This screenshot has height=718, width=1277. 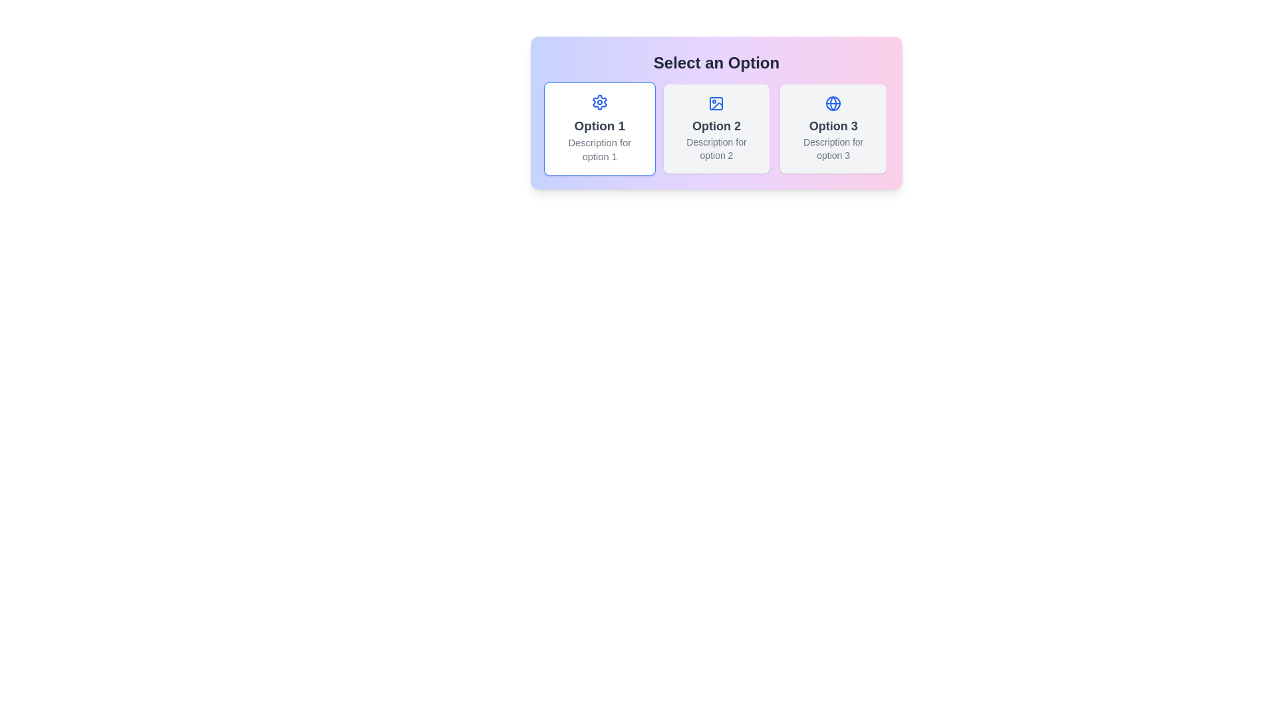 I want to click on the label indicating the name of the option represented by the first card in the horizontal layout beneath the 'Select an Option' header, so click(x=599, y=126).